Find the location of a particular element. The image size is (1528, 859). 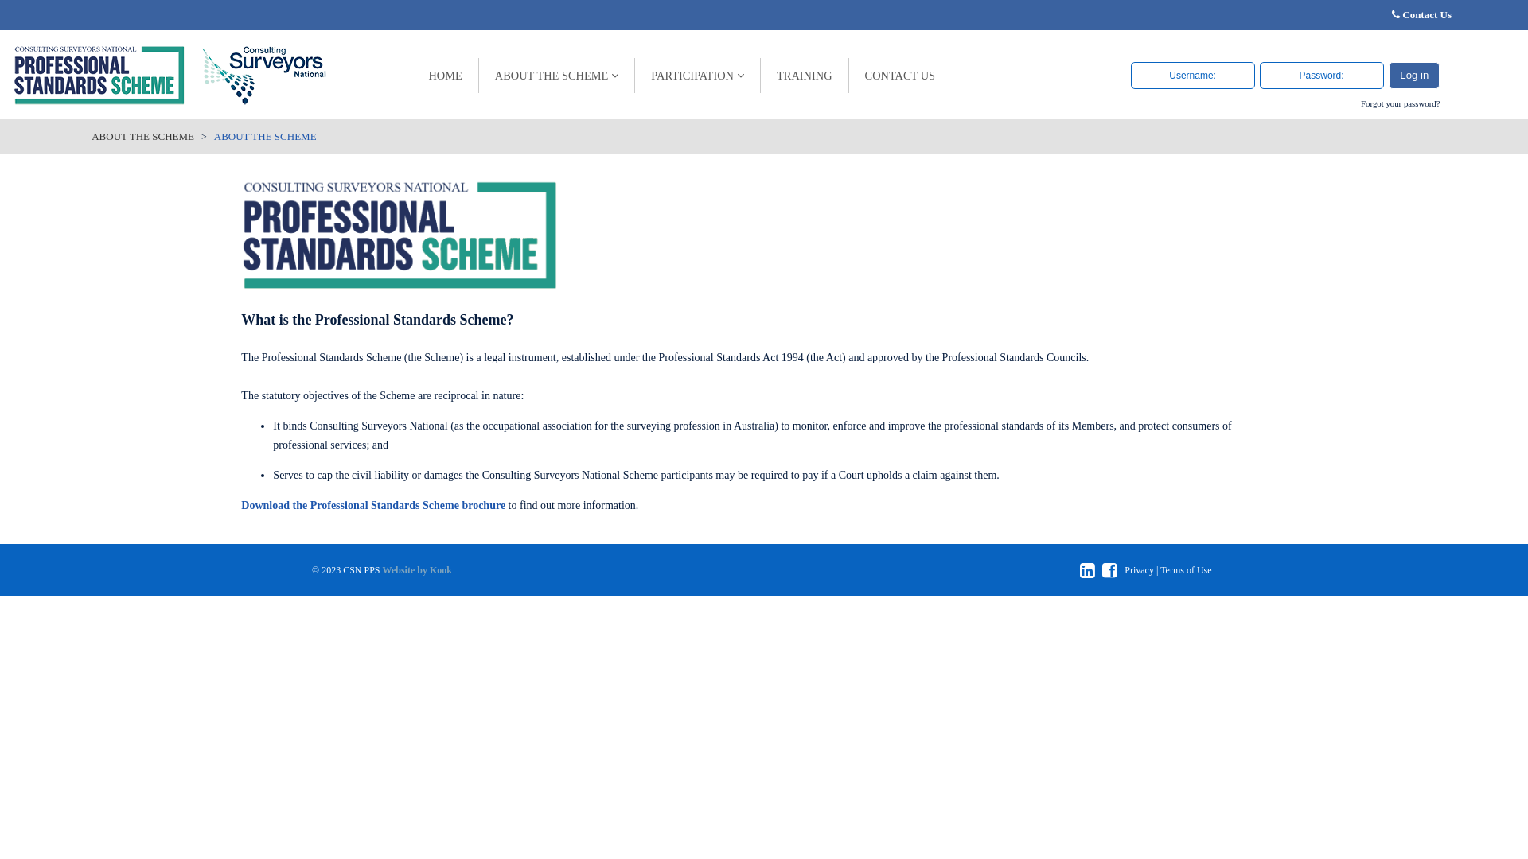

'Terms of Use' is located at coordinates (1185, 569).